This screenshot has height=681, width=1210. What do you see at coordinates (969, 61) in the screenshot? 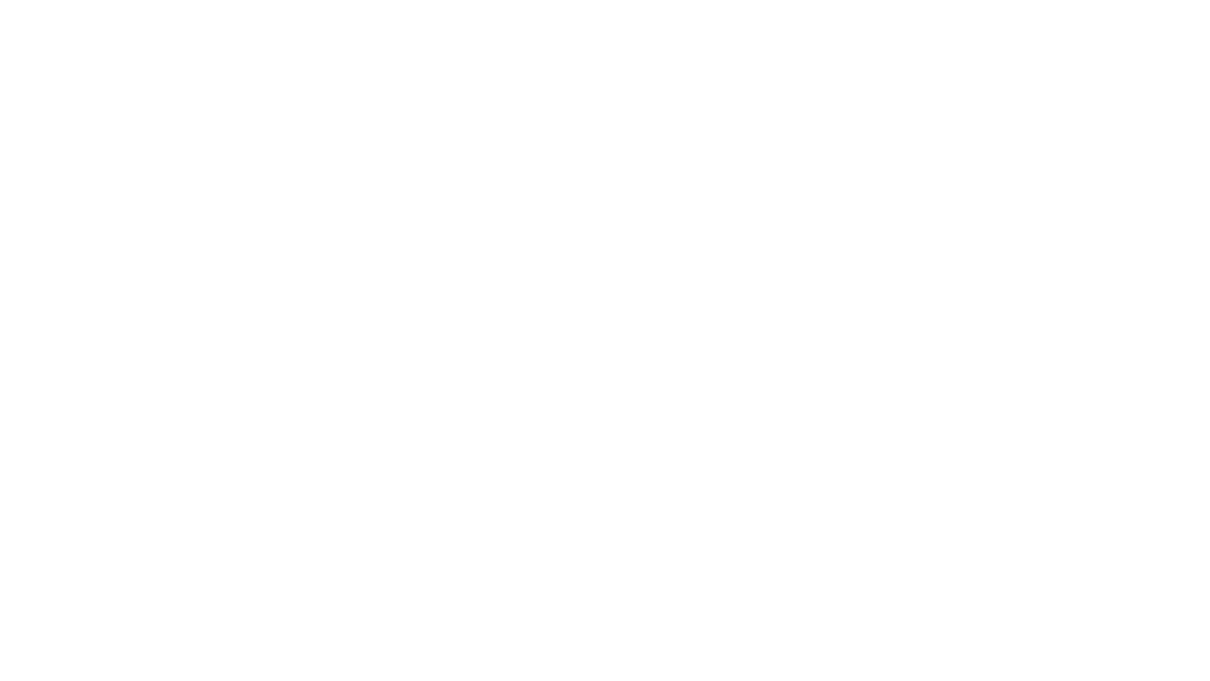
I see `Me connecter` at bounding box center [969, 61].